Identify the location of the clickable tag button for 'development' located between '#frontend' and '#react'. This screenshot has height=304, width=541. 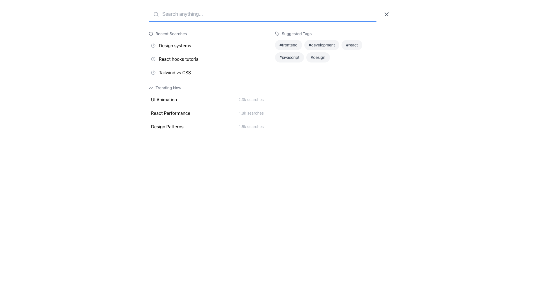
(322, 44).